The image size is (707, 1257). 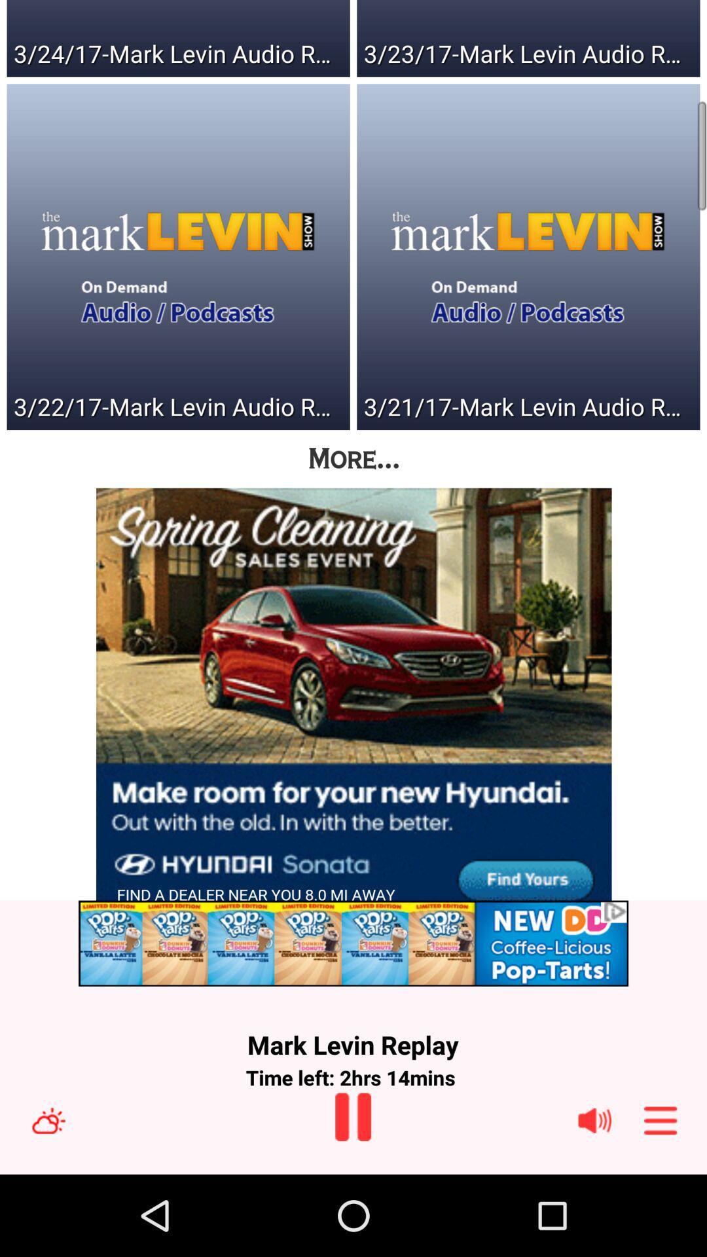 I want to click on pause radio station, so click(x=352, y=1116).